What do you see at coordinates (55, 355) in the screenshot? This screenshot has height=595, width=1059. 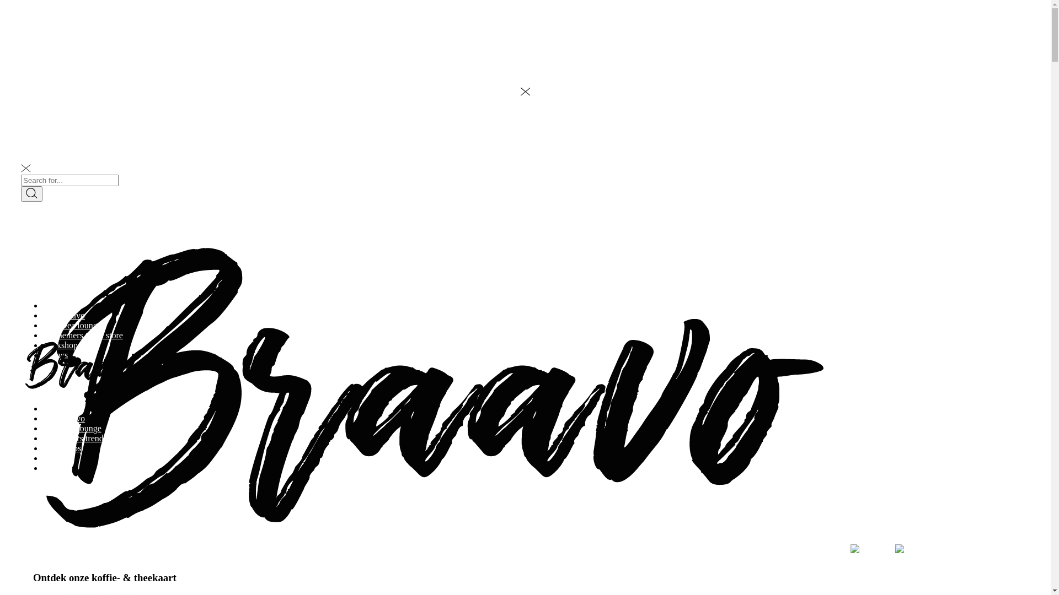 I see `'nieuws'` at bounding box center [55, 355].